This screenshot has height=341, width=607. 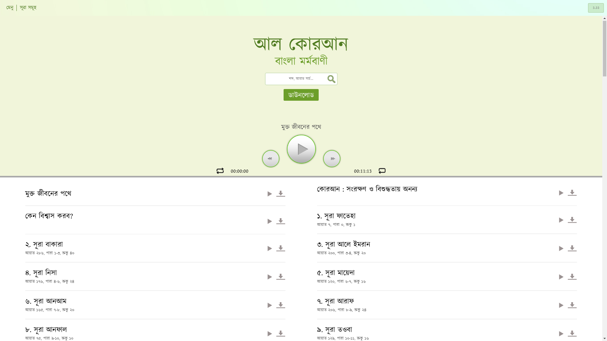 I want to click on 'Play', so click(x=561, y=305).